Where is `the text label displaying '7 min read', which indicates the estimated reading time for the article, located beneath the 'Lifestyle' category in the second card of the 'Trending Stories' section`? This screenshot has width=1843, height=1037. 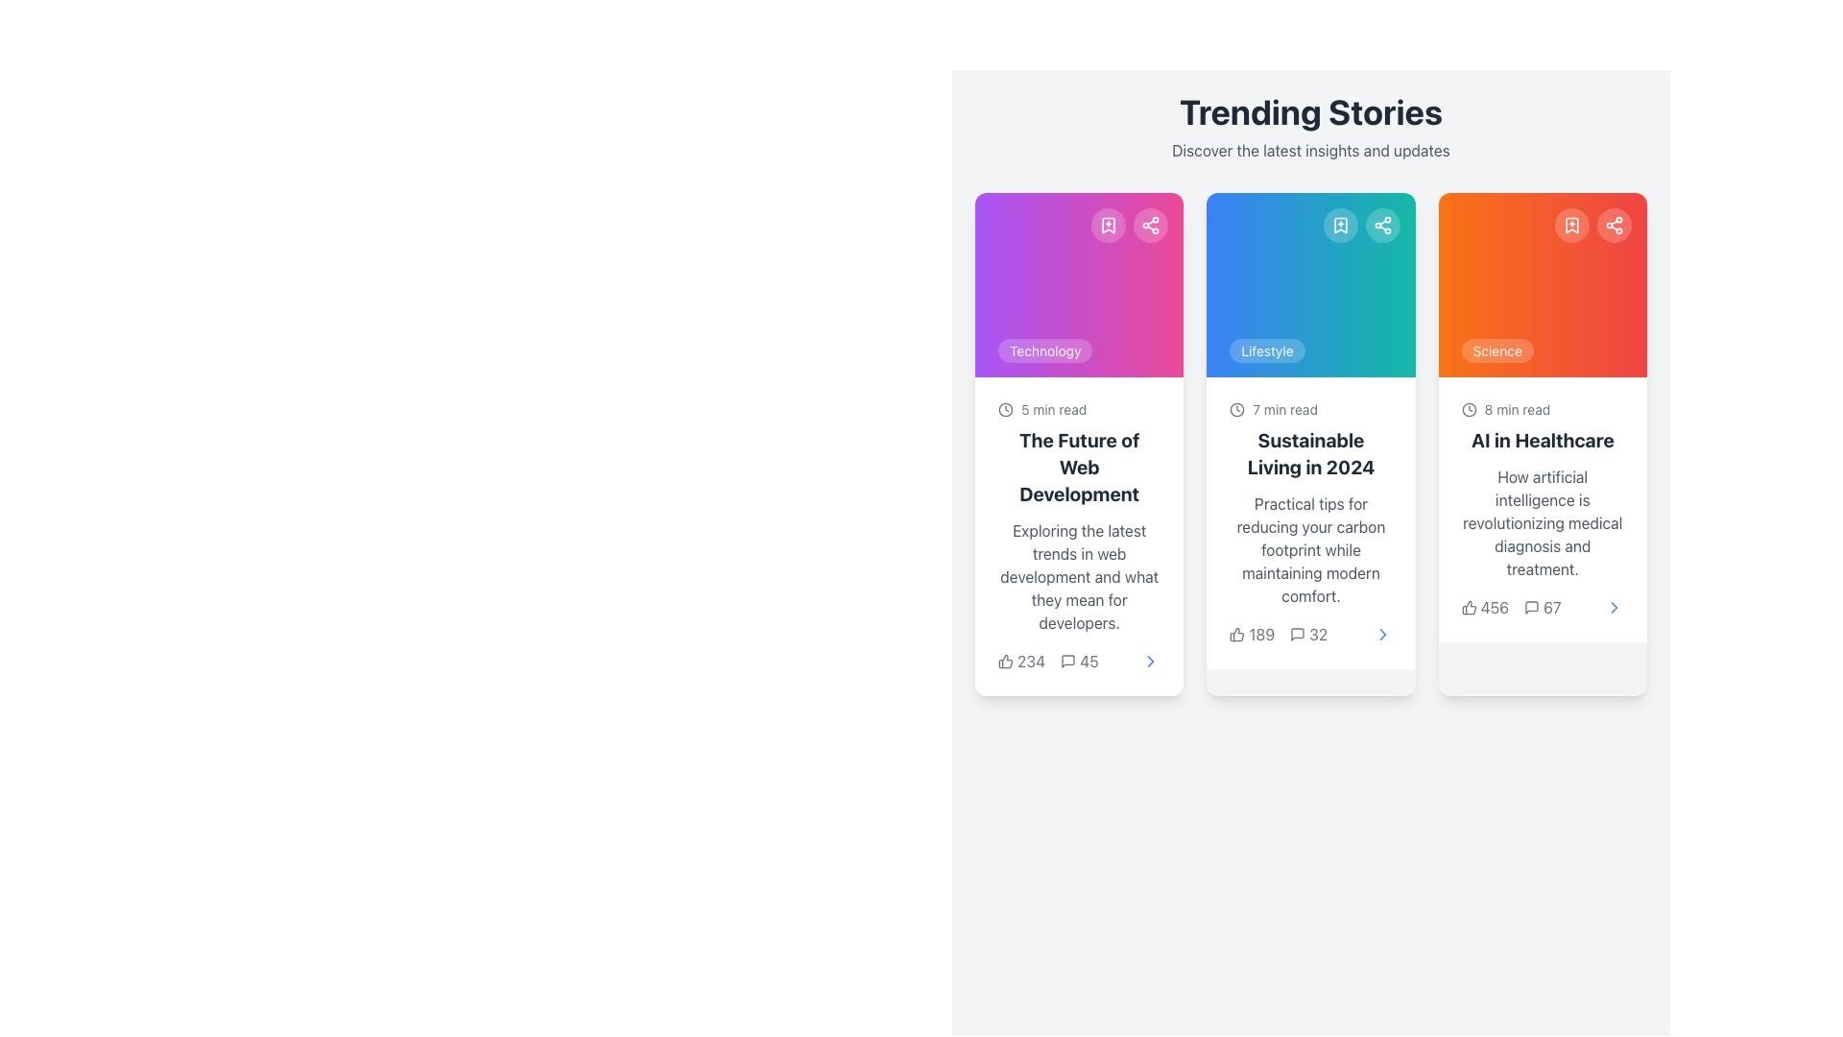
the text label displaying '7 min read', which indicates the estimated reading time for the article, located beneath the 'Lifestyle' category in the second card of the 'Trending Stories' section is located at coordinates (1285, 409).